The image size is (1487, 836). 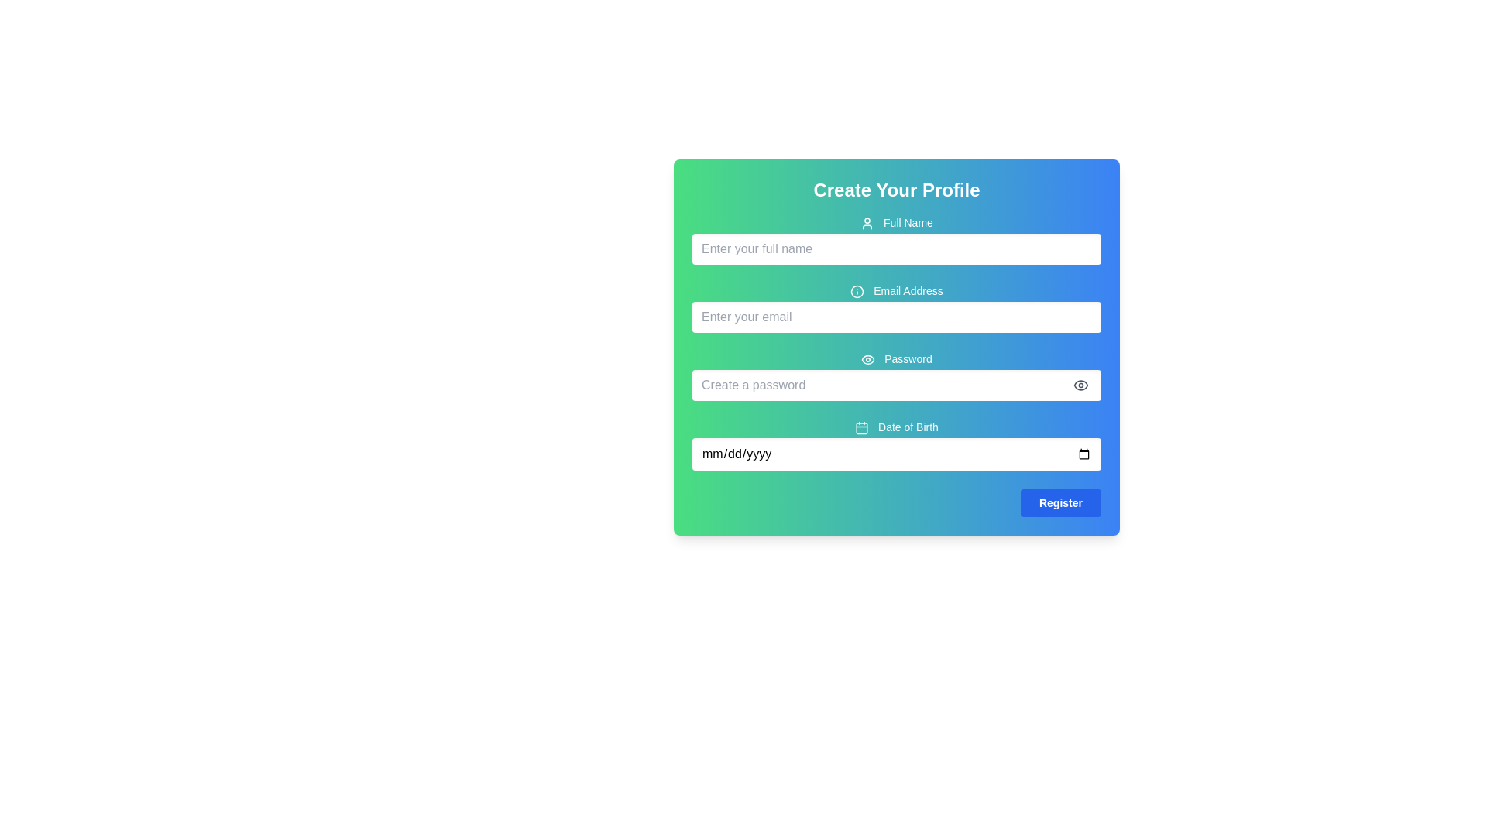 I want to click on the circular button with a light gray color and an eye icon, located to the far right of the password input field, so click(x=1080, y=384).